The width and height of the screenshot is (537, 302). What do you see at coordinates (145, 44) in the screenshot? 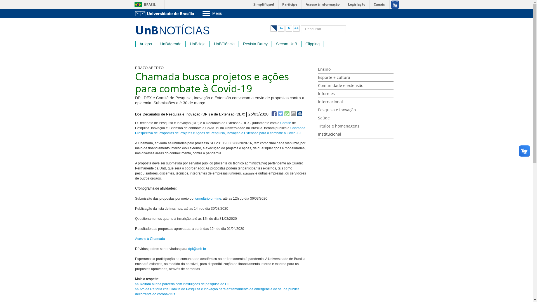
I see `'Artigos'` at bounding box center [145, 44].